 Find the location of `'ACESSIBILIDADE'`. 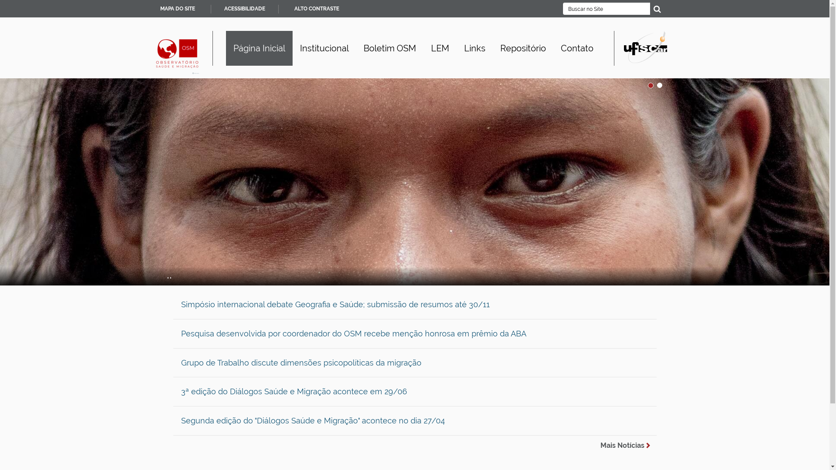

'ACESSIBILIDADE' is located at coordinates (223, 8).